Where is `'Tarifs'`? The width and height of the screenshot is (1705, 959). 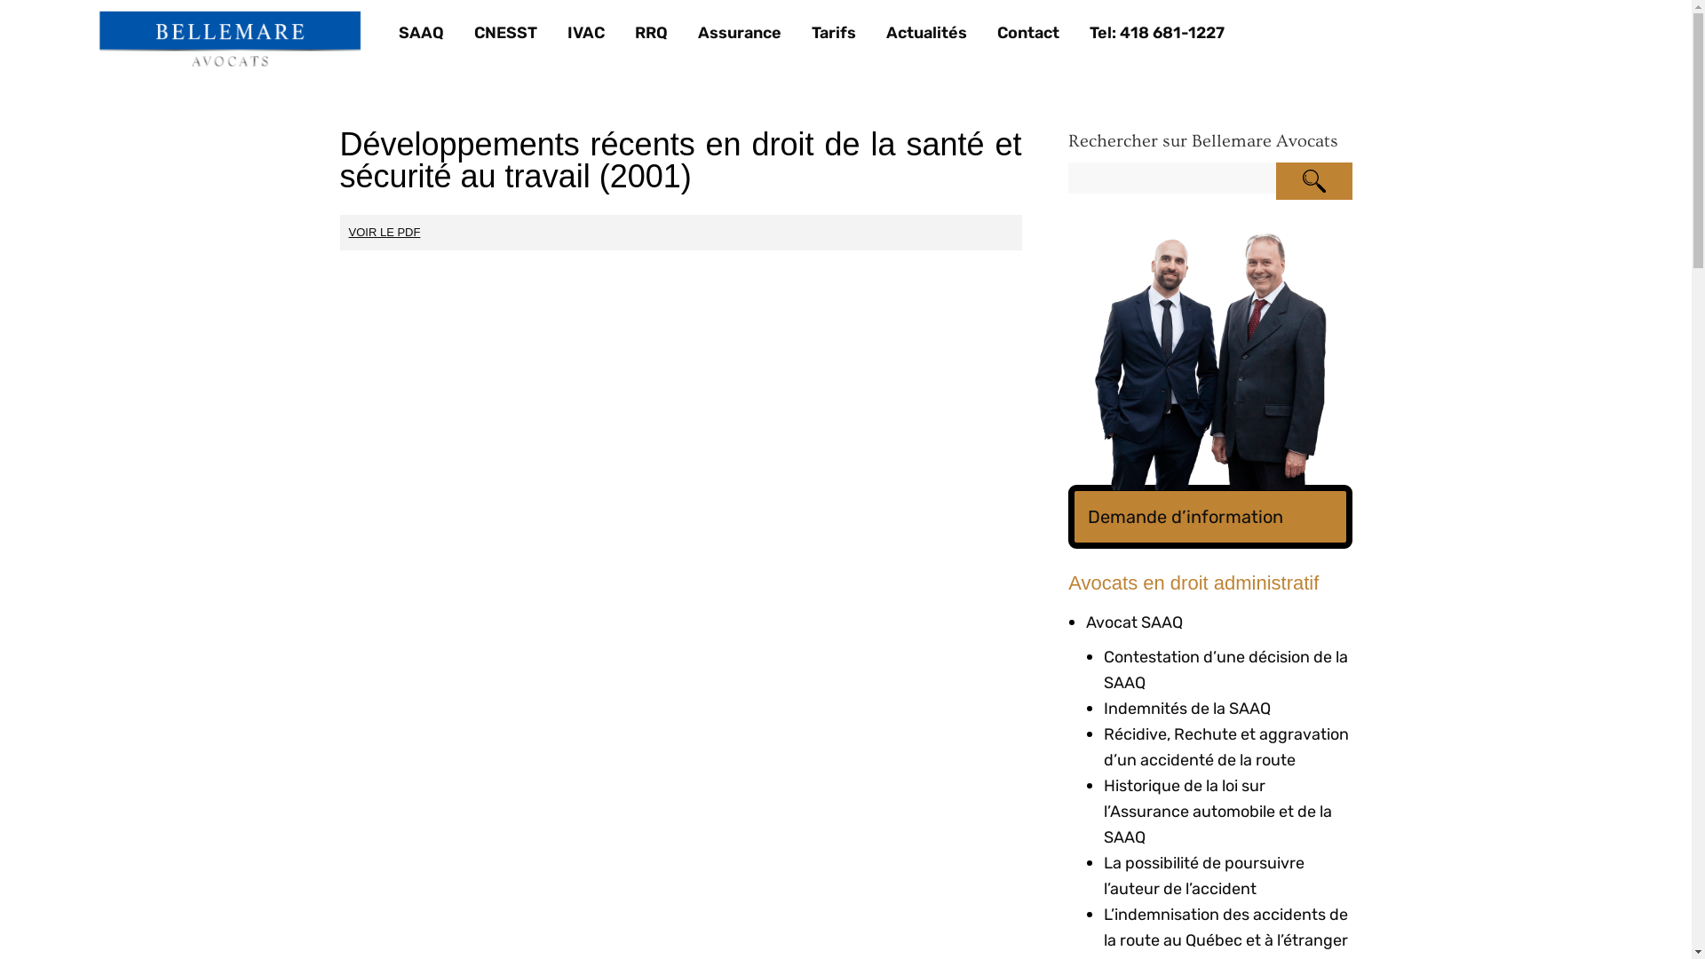
'Tarifs' is located at coordinates (833, 33).